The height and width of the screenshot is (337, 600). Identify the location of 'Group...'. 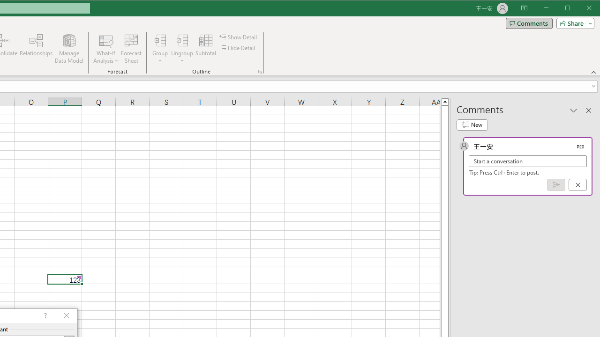
(160, 40).